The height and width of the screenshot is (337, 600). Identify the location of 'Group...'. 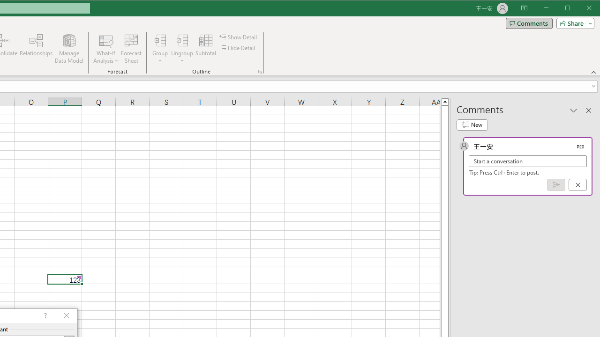
(160, 40).